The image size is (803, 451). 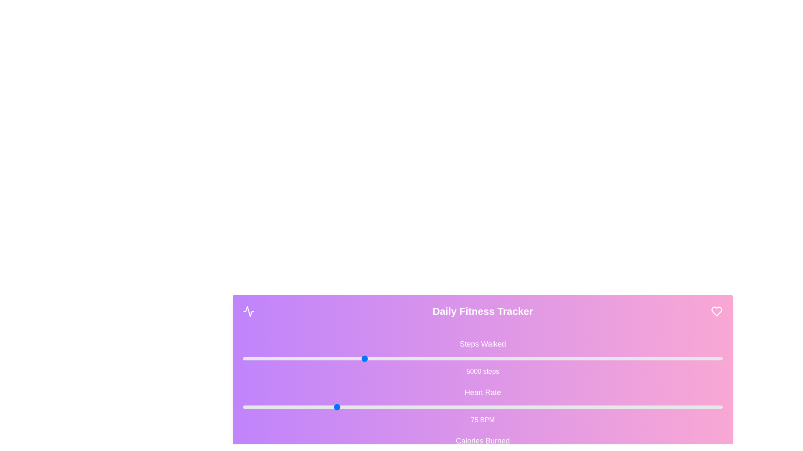 I want to click on the 'Steps Walked' slider to set its value to 10784, so click(x=501, y=358).